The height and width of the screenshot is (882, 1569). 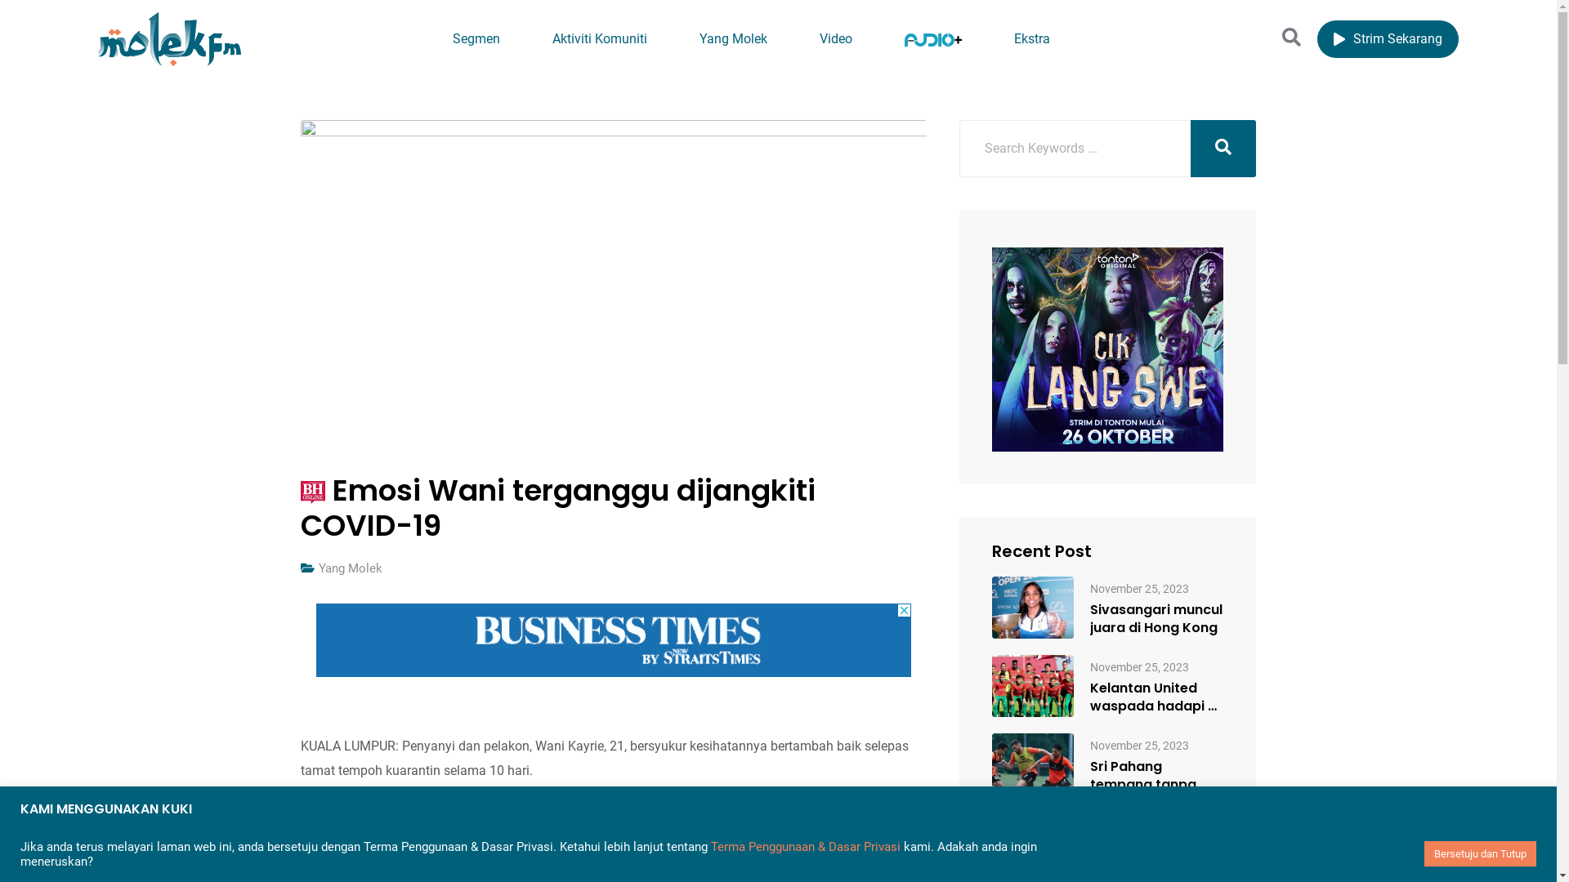 I want to click on ' Kelantan United waspada hadapi KL City', so click(x=1031, y=686).